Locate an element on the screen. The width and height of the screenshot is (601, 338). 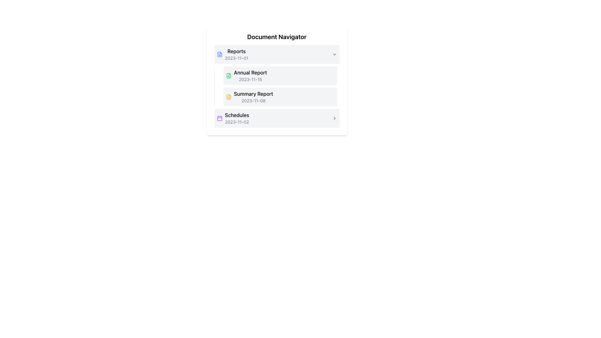
the small document icon with a blue outline located to the left of the 'Reports' label in the 'Document Navigator' panel is located at coordinates (219, 54).